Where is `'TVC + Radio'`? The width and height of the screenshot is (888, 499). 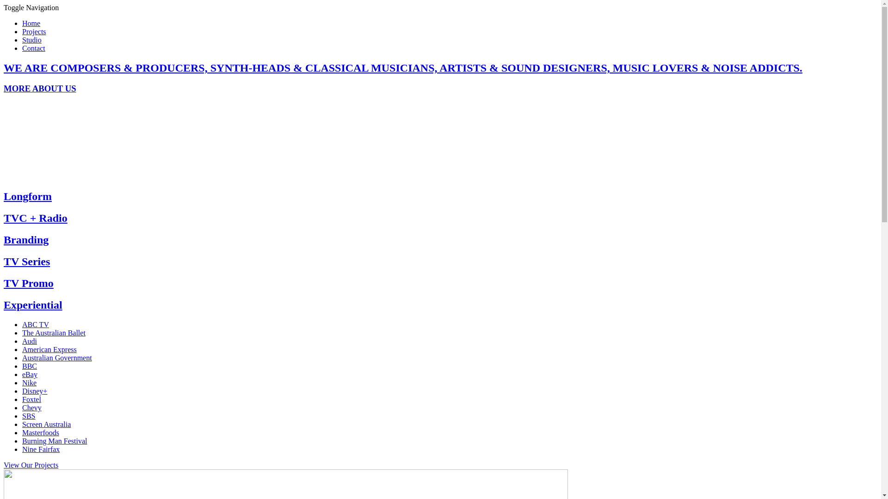 'TVC + Radio' is located at coordinates (35, 218).